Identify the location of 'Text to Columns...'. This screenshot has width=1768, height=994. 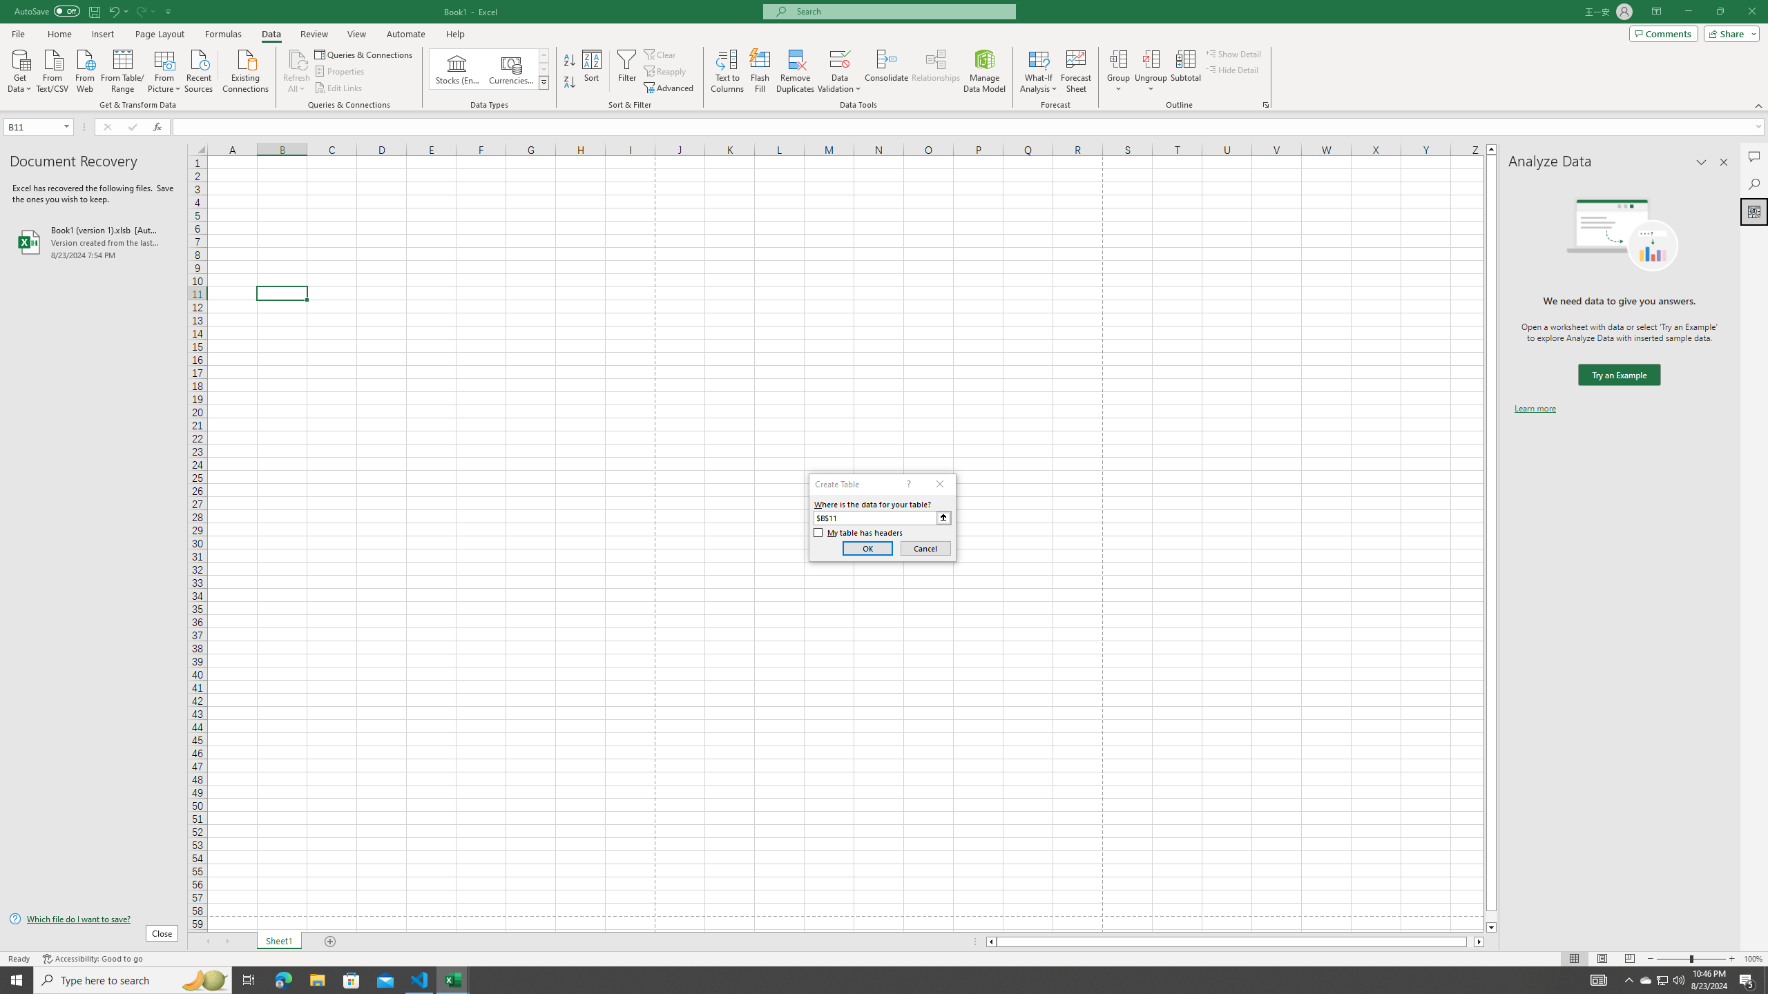
(727, 71).